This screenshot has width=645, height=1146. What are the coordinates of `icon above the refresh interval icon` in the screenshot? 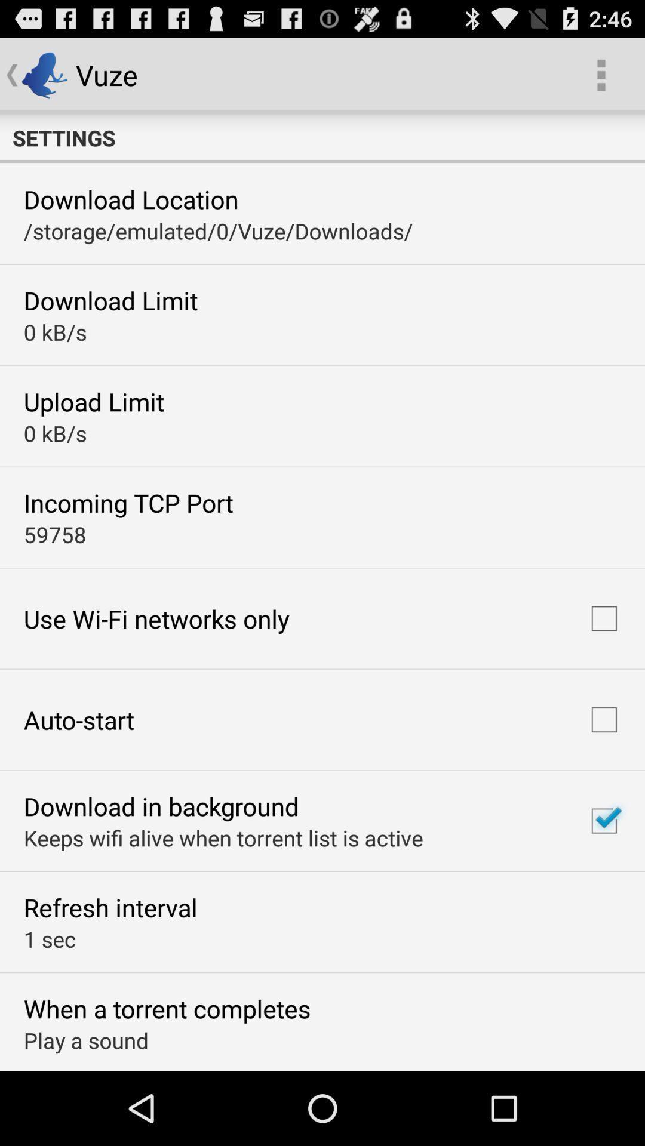 It's located at (223, 837).